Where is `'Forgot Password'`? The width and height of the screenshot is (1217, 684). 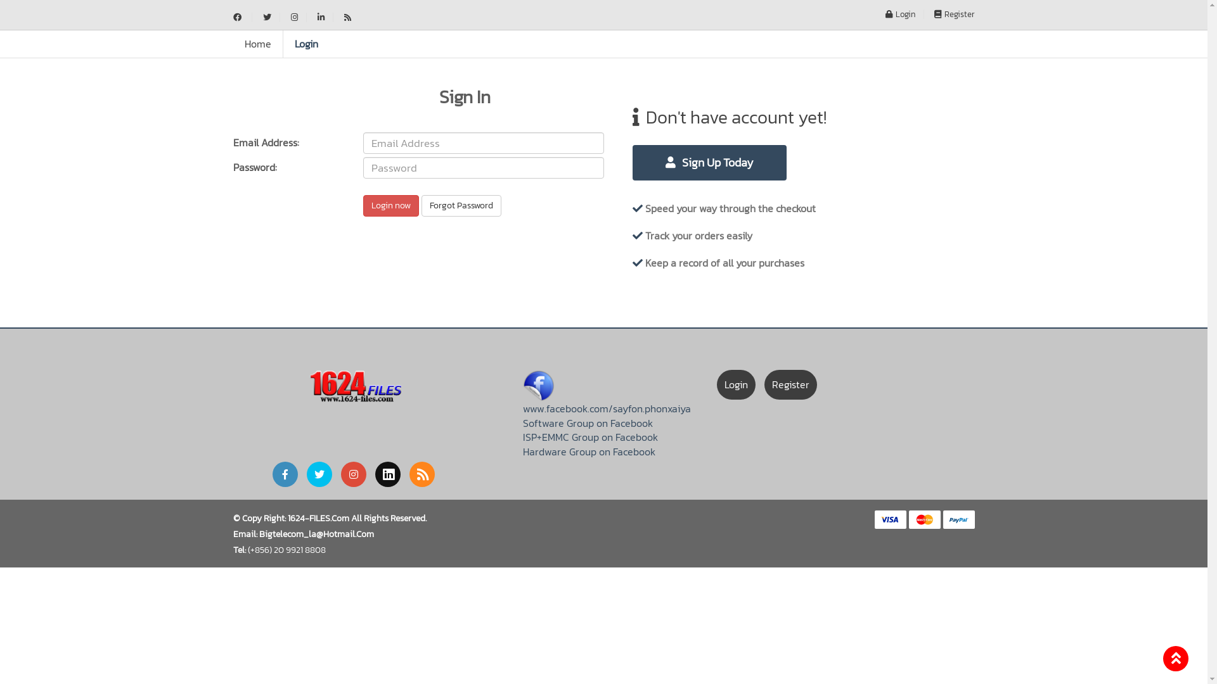
'Forgot Password' is located at coordinates (460, 205).